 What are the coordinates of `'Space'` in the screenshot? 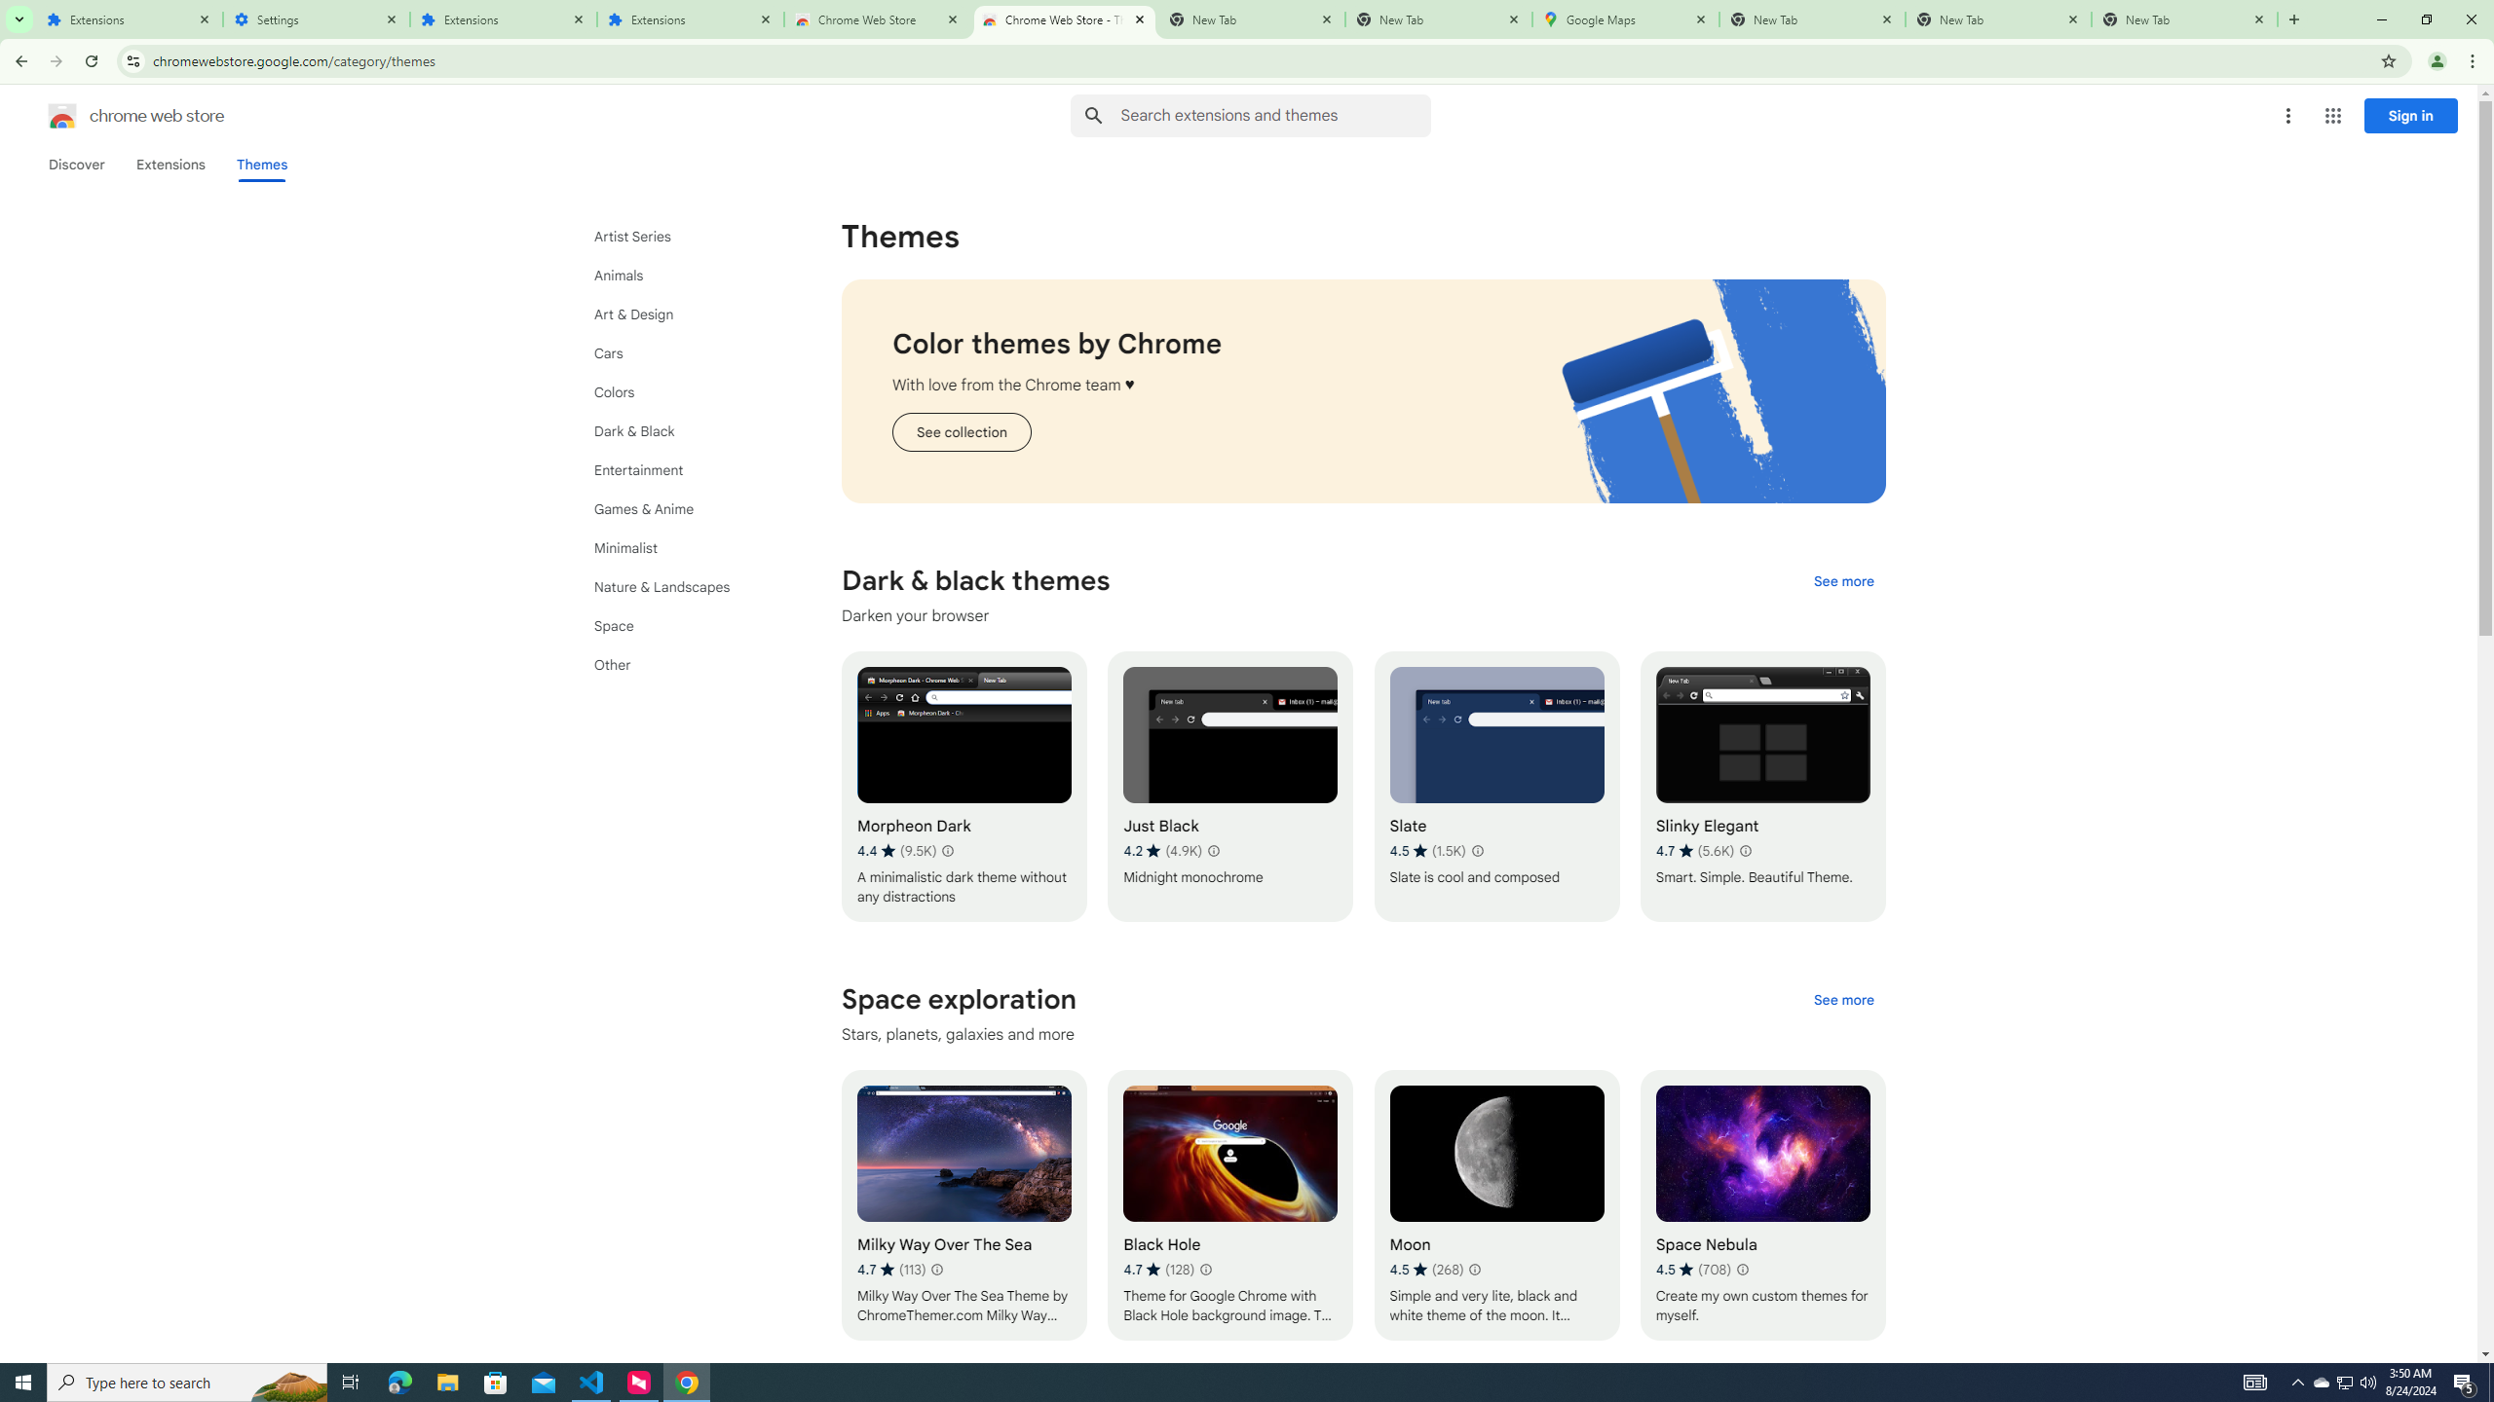 It's located at (683, 625).